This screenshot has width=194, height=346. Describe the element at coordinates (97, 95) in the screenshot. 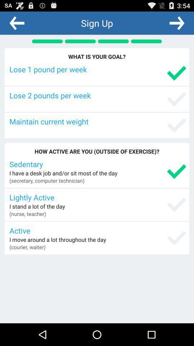

I see `the lose 2 pounds` at that location.